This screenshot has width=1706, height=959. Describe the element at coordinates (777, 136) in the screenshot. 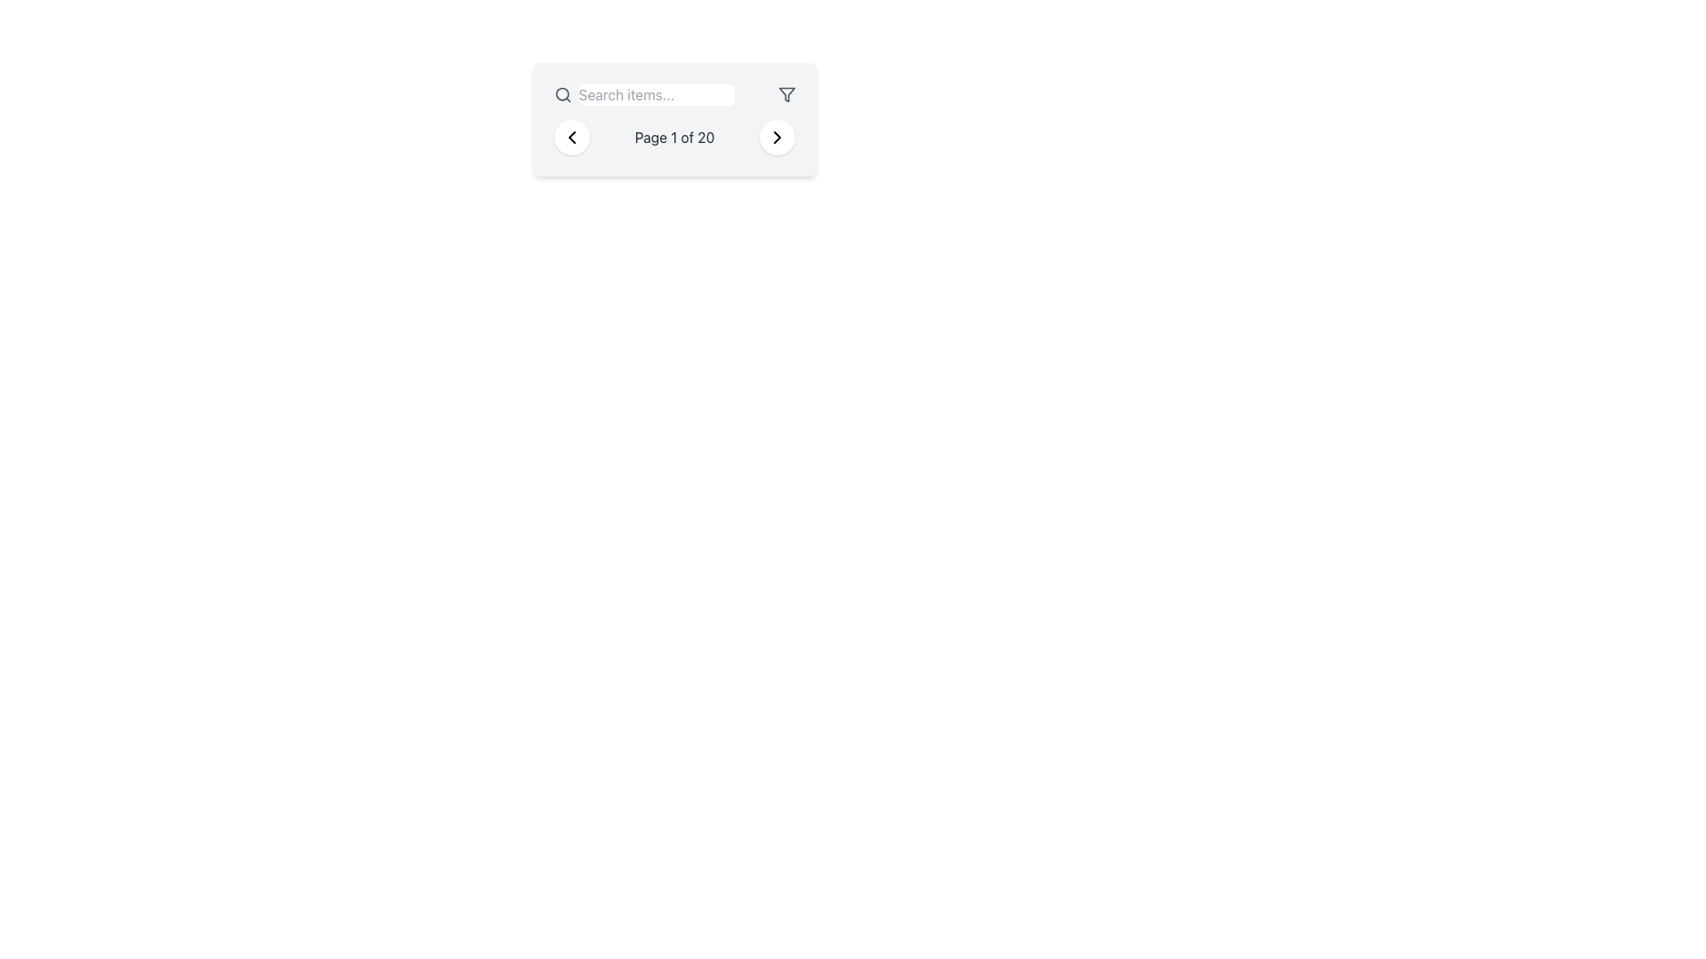

I see `the Chevron Symbol icon located on the rightmost side of the functional toolbar` at that location.